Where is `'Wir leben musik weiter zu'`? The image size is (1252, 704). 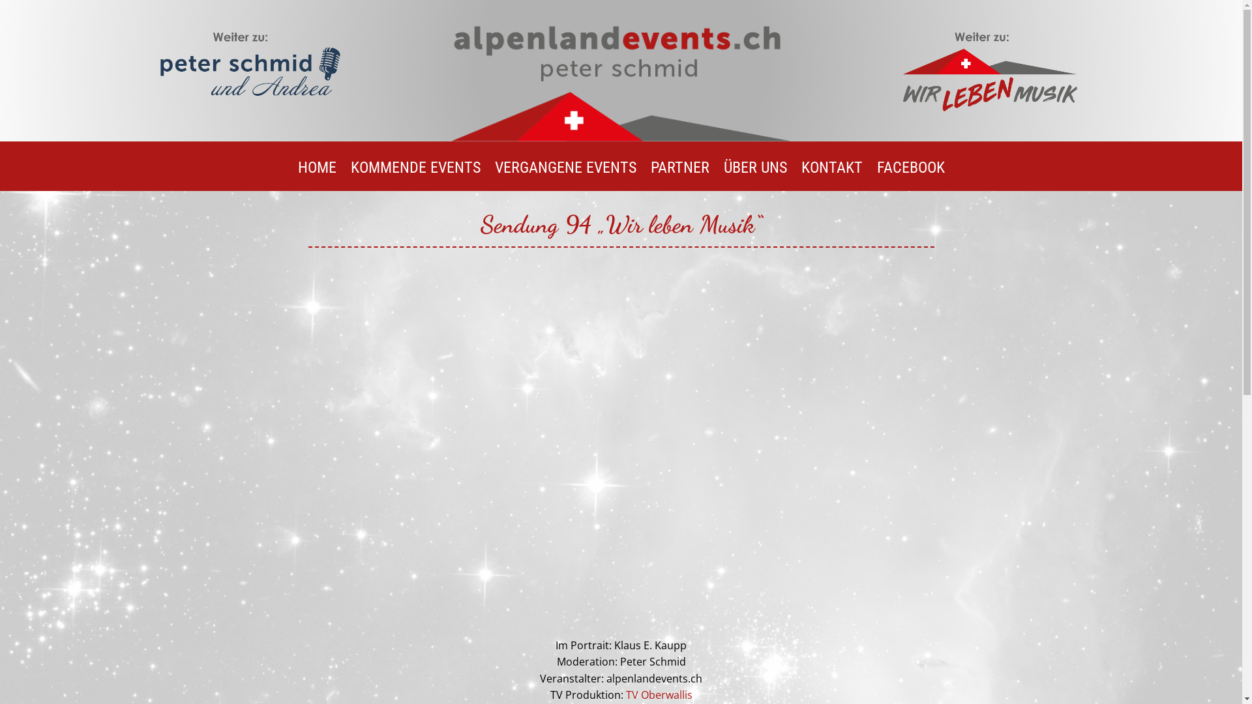
'Wir leben musik weiter zu' is located at coordinates (991, 68).